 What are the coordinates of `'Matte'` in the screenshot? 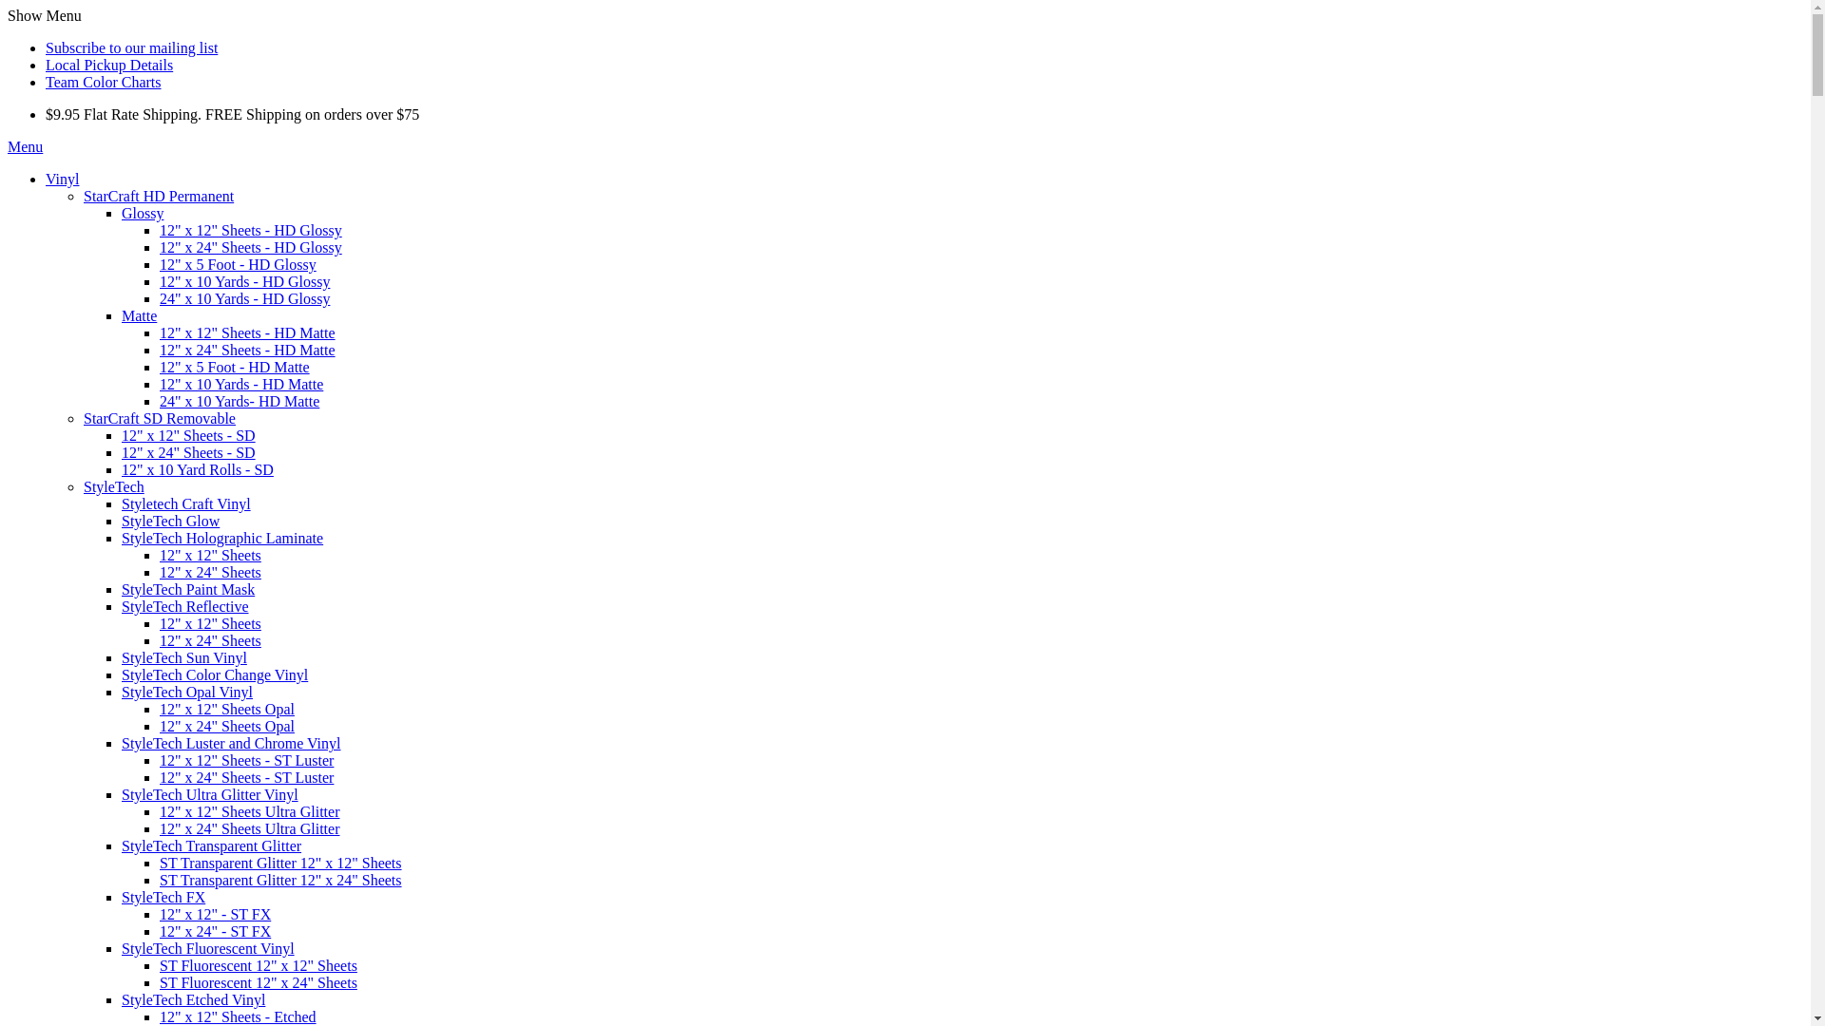 It's located at (138, 314).